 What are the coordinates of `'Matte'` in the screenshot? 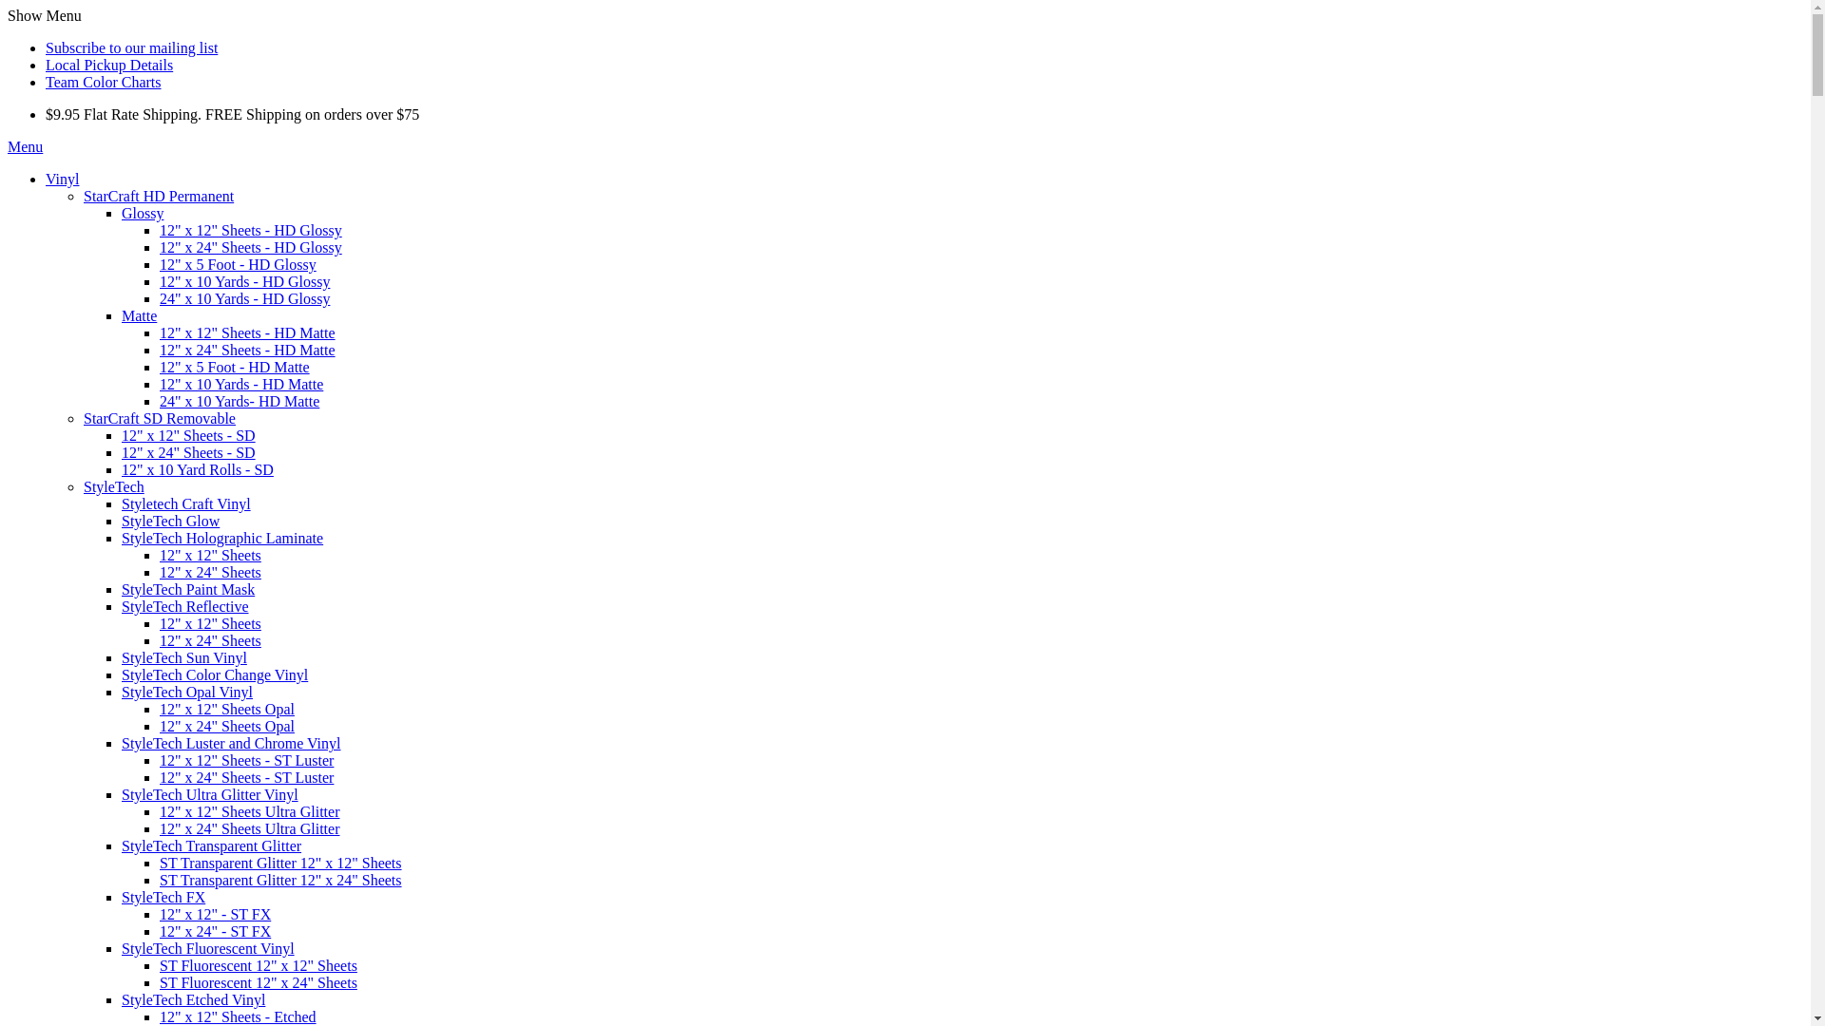 It's located at (138, 314).